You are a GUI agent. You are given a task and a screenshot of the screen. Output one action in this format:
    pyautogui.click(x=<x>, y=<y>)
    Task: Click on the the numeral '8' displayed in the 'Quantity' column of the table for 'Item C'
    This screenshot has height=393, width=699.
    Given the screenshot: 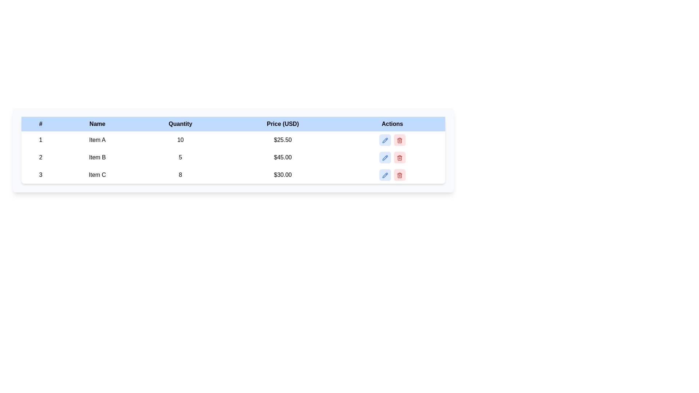 What is the action you would take?
    pyautogui.click(x=180, y=175)
    